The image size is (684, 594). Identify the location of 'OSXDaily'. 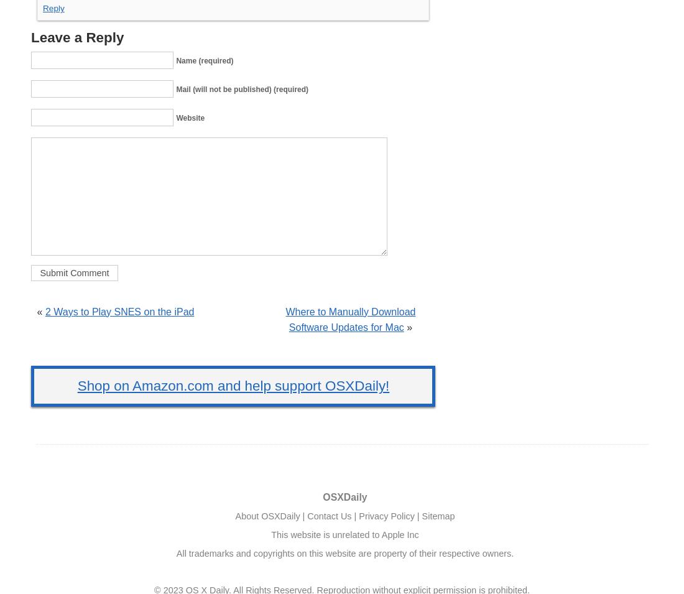
(322, 496).